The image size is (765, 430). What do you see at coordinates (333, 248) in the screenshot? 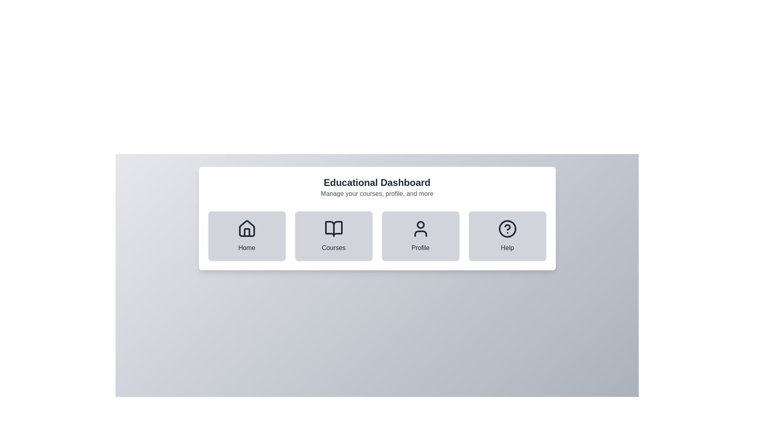
I see `the 'Courses' text label located at the bottom-center of the second card in a horizontal row of four cards, which is positioned directly under a book-like icon` at bounding box center [333, 248].